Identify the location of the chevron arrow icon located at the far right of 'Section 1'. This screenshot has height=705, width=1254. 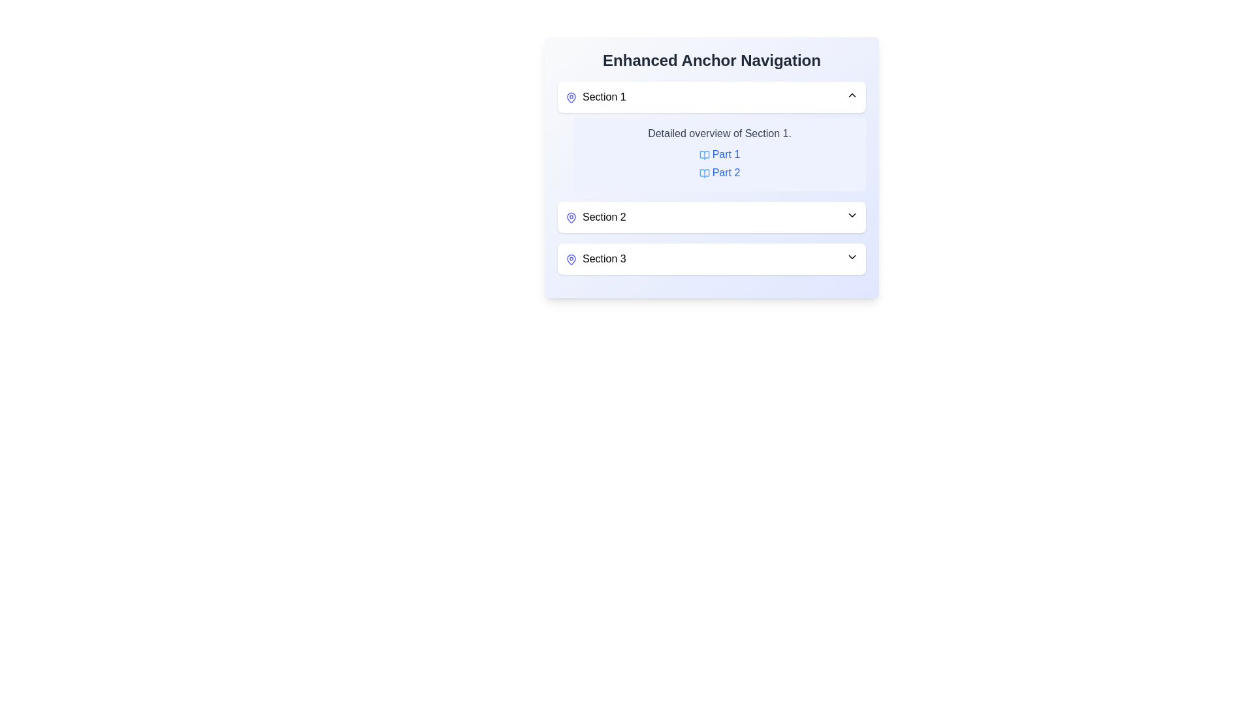
(852, 95).